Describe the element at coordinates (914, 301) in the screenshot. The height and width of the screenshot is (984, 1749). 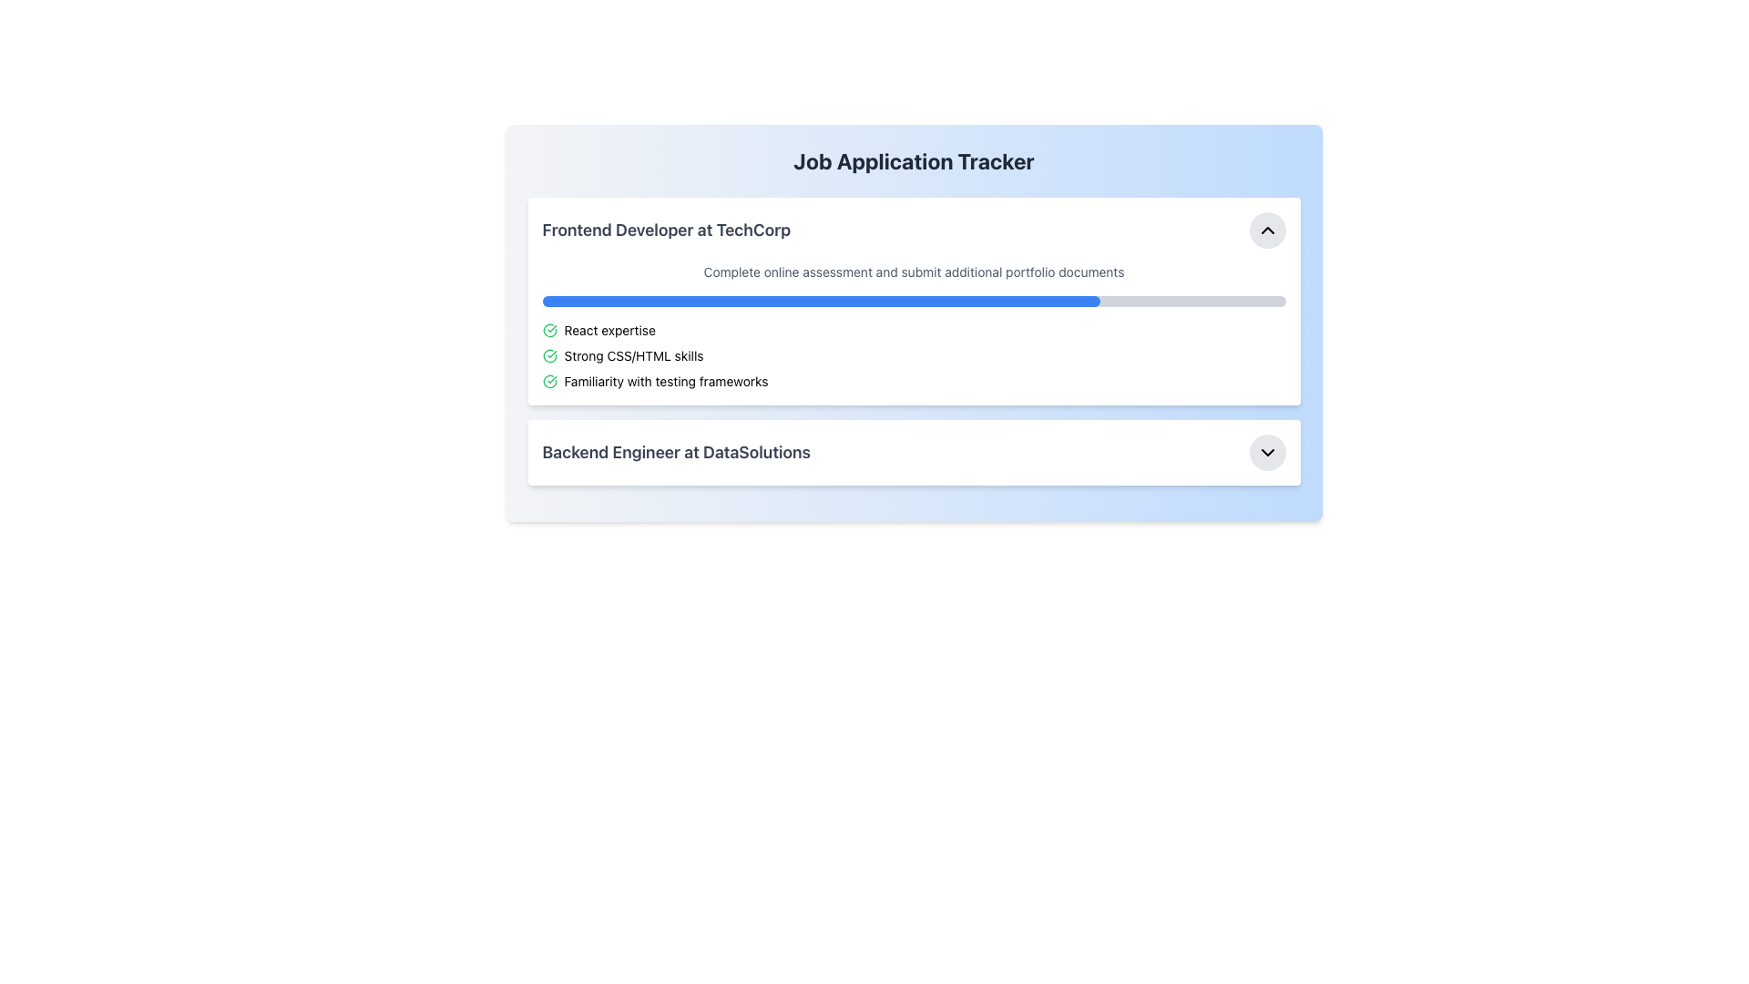
I see `the first job listing card in the 'Job Application Tracker'` at that location.